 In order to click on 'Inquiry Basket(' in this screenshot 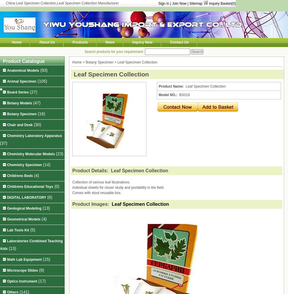, I will do `click(220, 4)`.